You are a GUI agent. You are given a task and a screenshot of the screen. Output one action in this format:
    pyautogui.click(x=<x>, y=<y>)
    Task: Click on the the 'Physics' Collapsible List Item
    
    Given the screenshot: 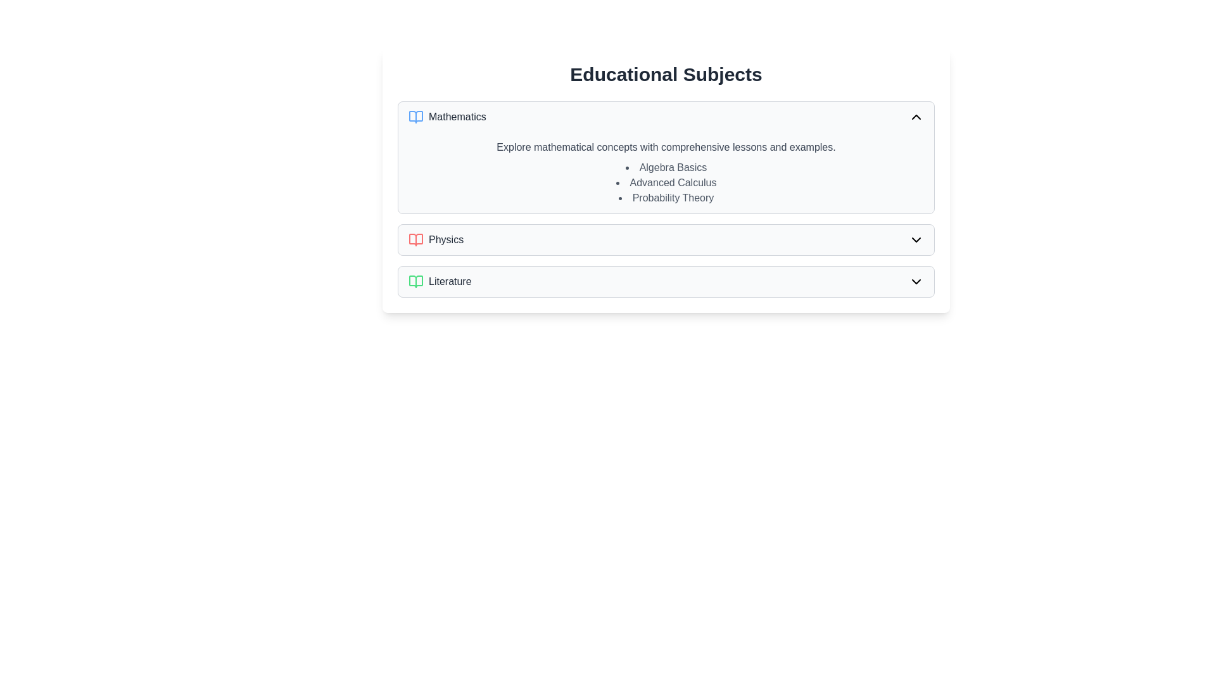 What is the action you would take?
    pyautogui.click(x=665, y=239)
    